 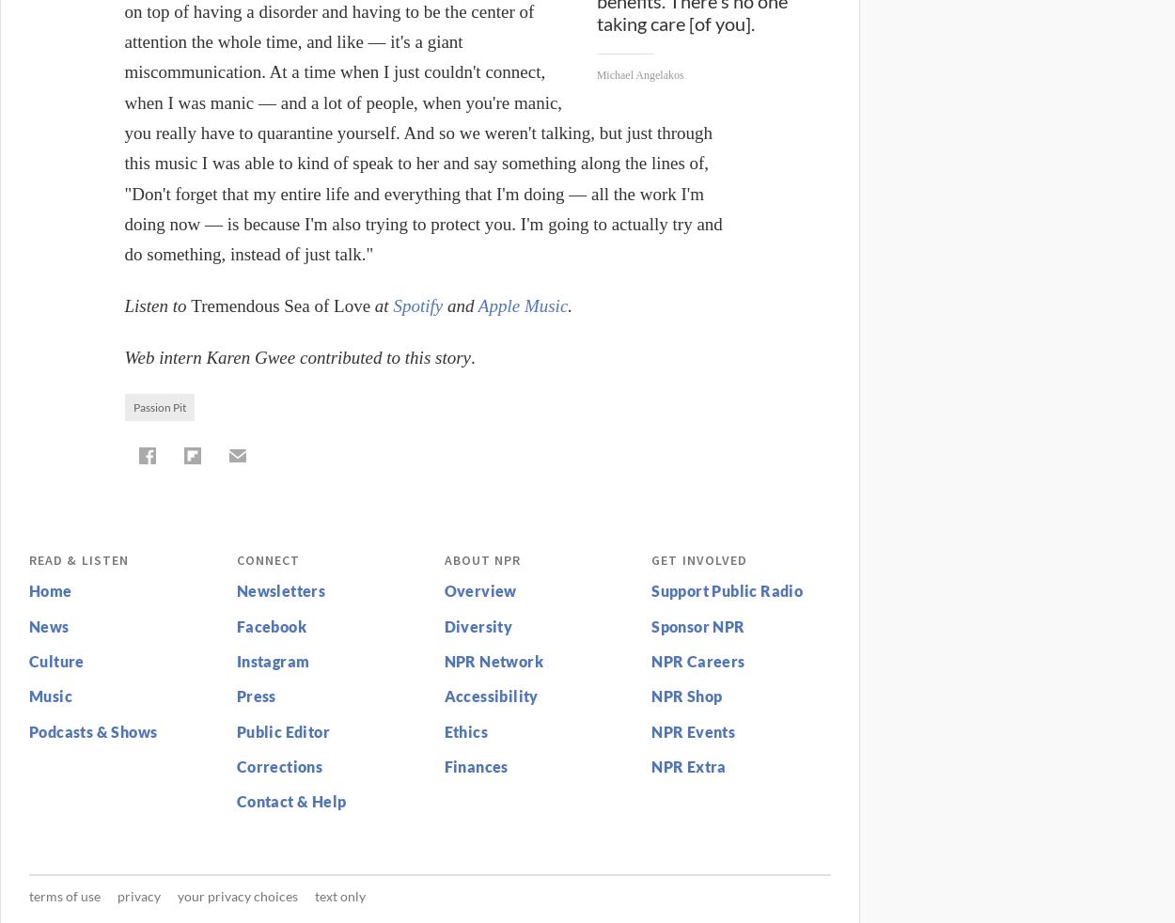 What do you see at coordinates (478, 305) in the screenshot?
I see `'Apple Music'` at bounding box center [478, 305].